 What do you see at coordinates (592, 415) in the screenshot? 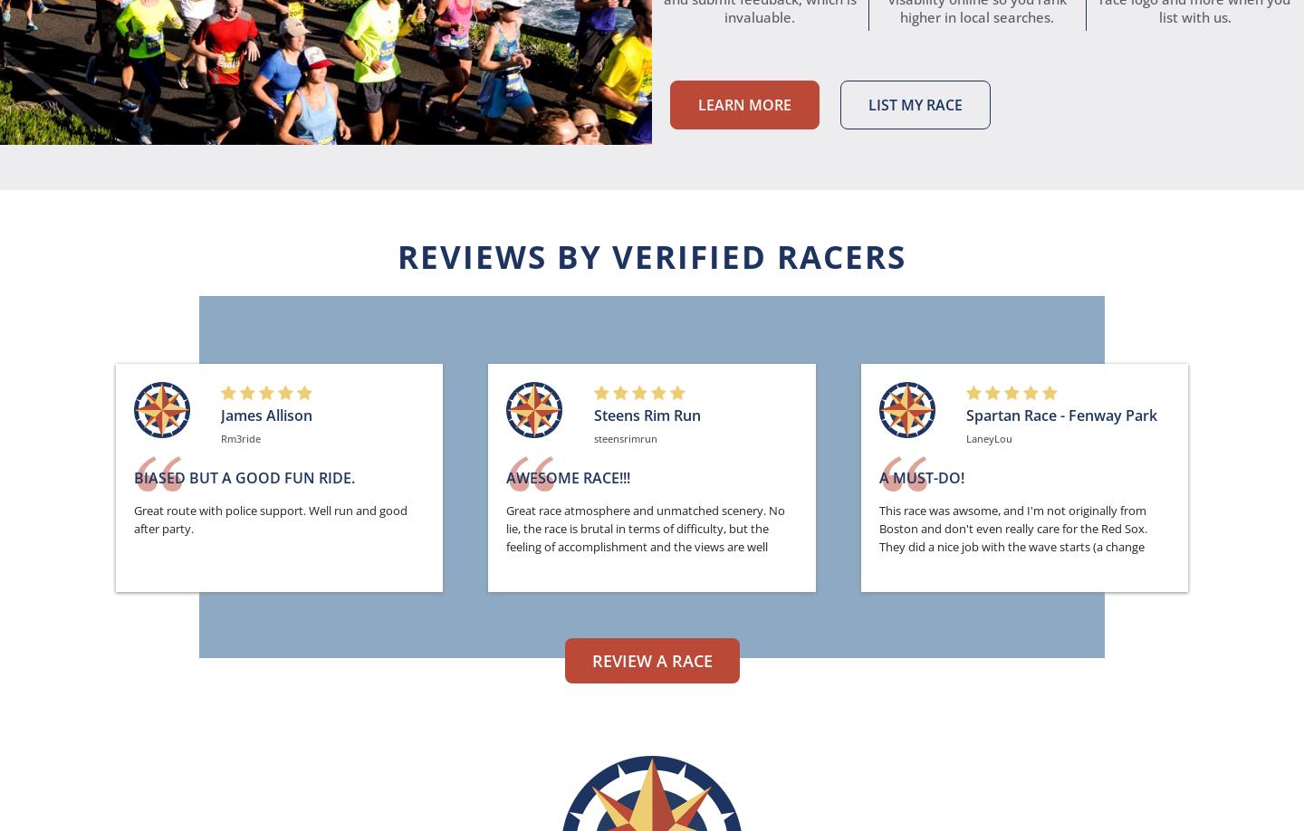
I see `'Steens Rim Run'` at bounding box center [592, 415].